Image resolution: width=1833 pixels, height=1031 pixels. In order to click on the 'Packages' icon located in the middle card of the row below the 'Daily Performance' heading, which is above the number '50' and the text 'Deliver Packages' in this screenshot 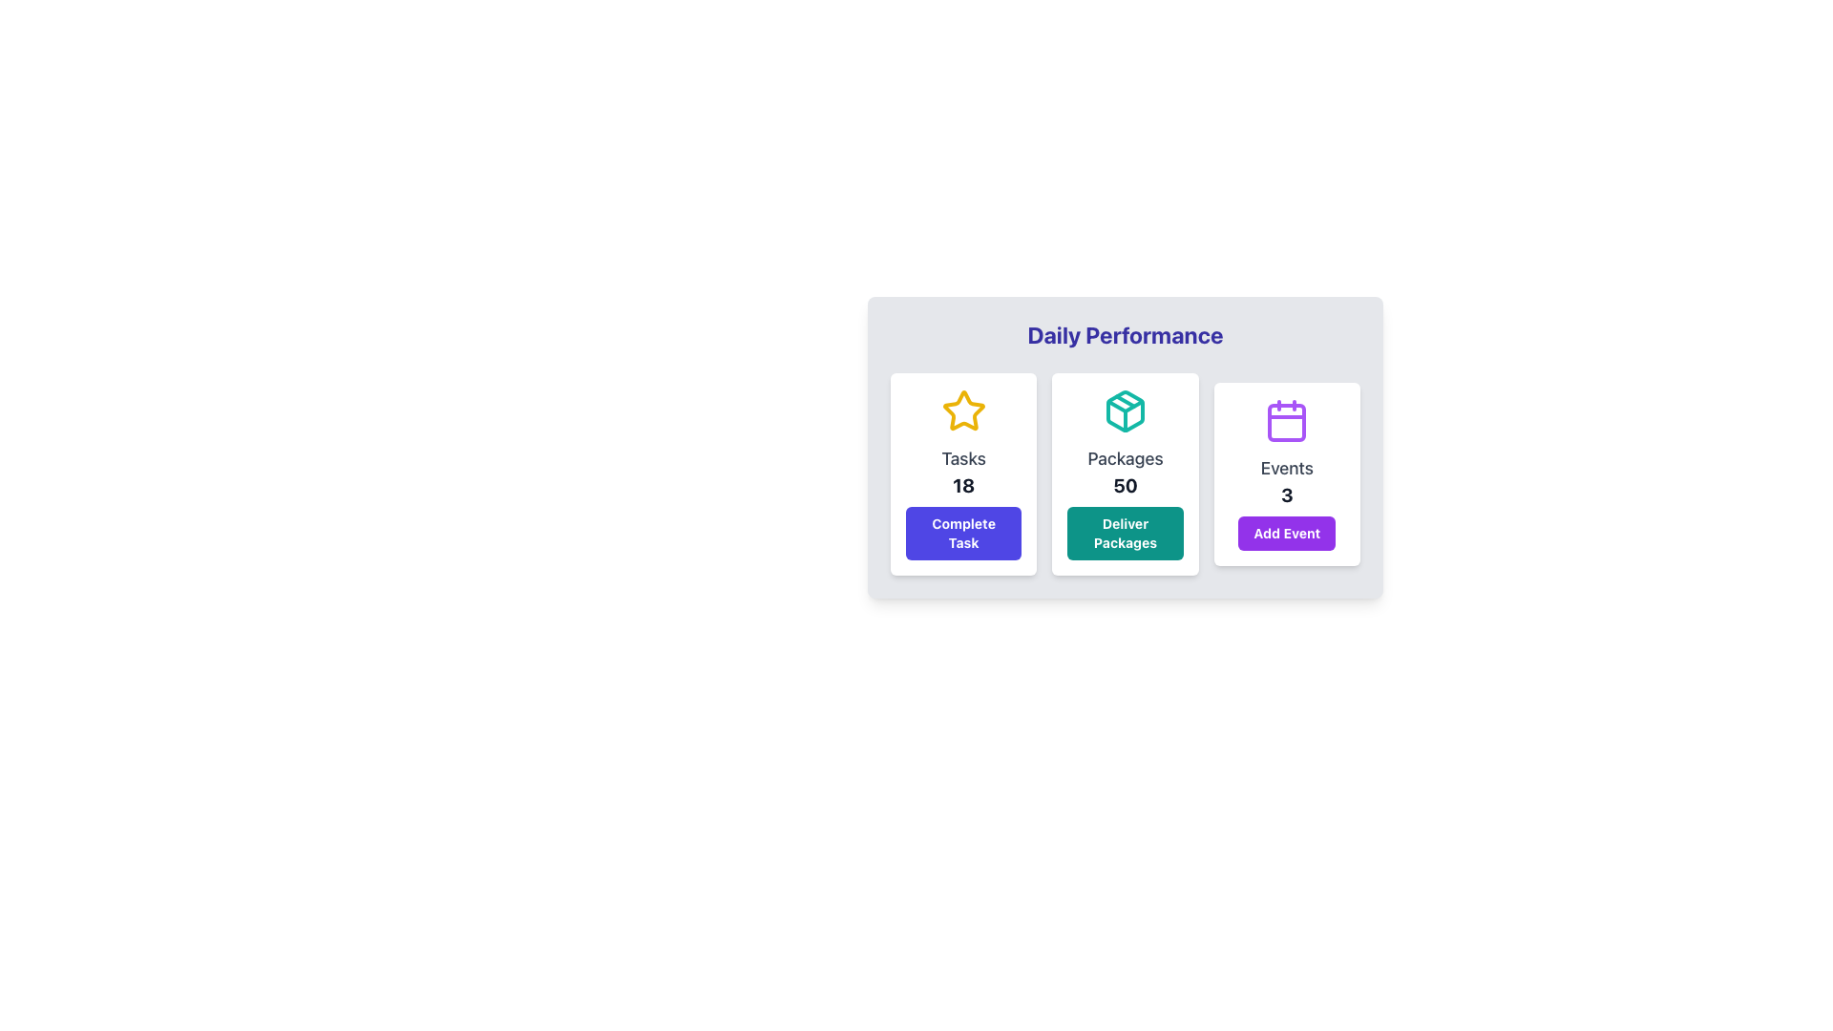, I will do `click(1126, 410)`.